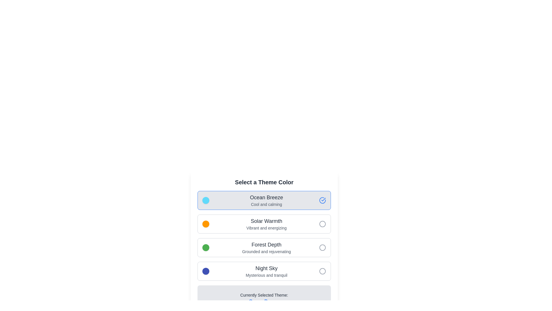  I want to click on the text label displaying the phrase 'Mysterious and tranquil', which is styled in a smaller gray font and positioned below the 'Night Sky' title, so click(266, 275).